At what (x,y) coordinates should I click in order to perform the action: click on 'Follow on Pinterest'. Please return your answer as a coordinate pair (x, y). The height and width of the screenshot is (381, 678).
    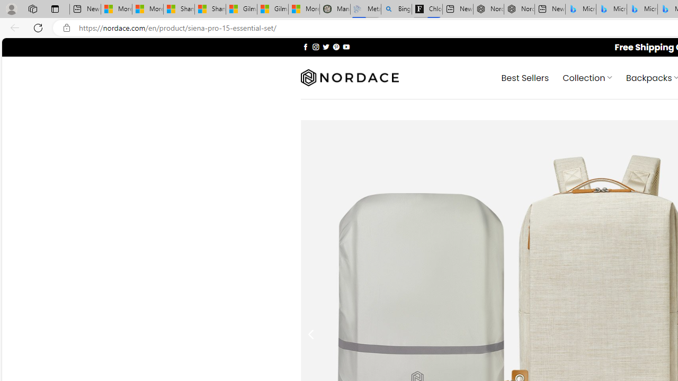
    Looking at the image, I should click on (335, 46).